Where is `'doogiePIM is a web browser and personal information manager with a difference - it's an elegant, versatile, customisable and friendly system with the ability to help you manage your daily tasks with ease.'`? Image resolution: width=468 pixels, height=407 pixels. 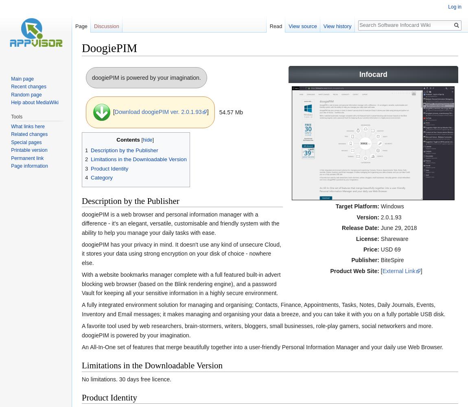
'doogiePIM is a web browser and personal information manager with a difference - it's an elegant, versatile, customisable and friendly system with the ability to help you manage your daily tasks with ease.' is located at coordinates (180, 223).